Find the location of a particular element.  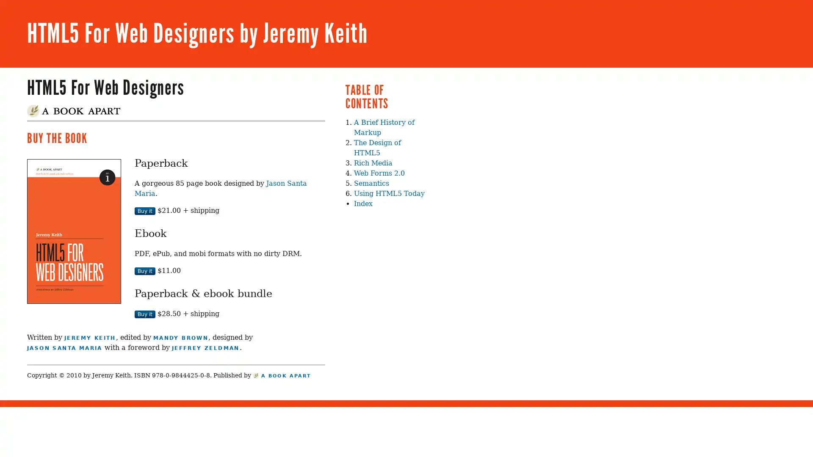

$28.50 + shipping is located at coordinates (145, 314).